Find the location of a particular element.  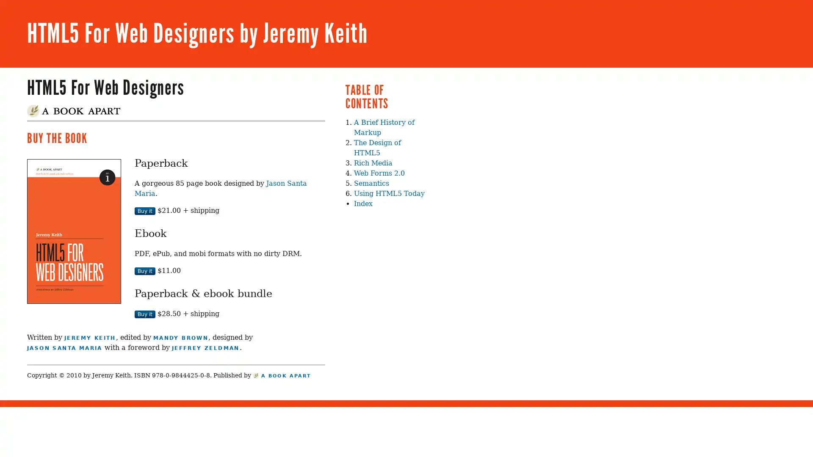

$28.50 + shipping is located at coordinates (145, 314).